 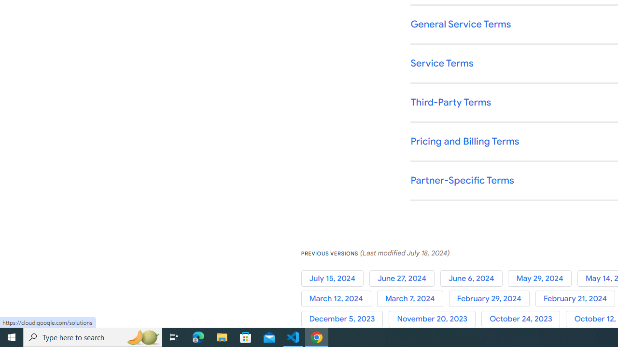 What do you see at coordinates (413, 298) in the screenshot?
I see `'March 7, 2024'` at bounding box center [413, 298].